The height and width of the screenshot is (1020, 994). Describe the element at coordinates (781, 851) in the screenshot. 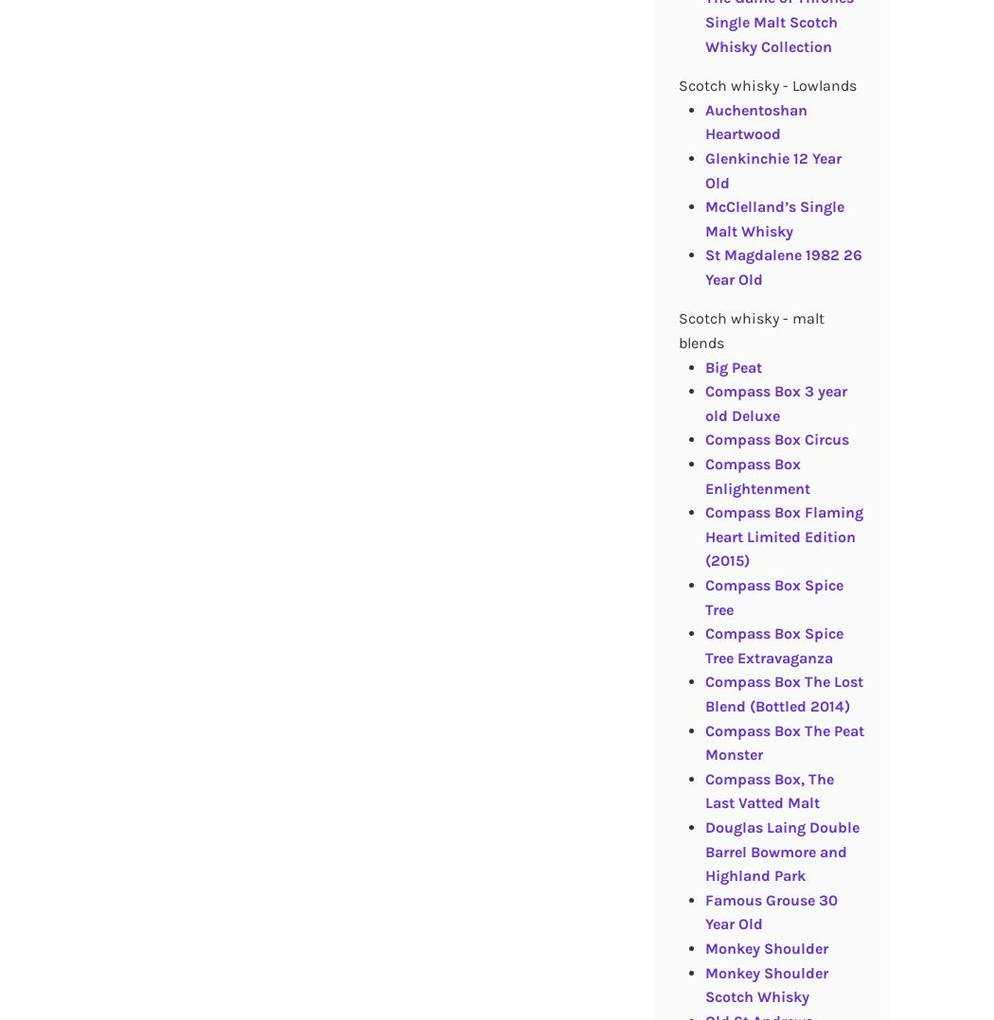

I see `'Douglas Laing Double Barrel Bowmore and Highland Park'` at that location.